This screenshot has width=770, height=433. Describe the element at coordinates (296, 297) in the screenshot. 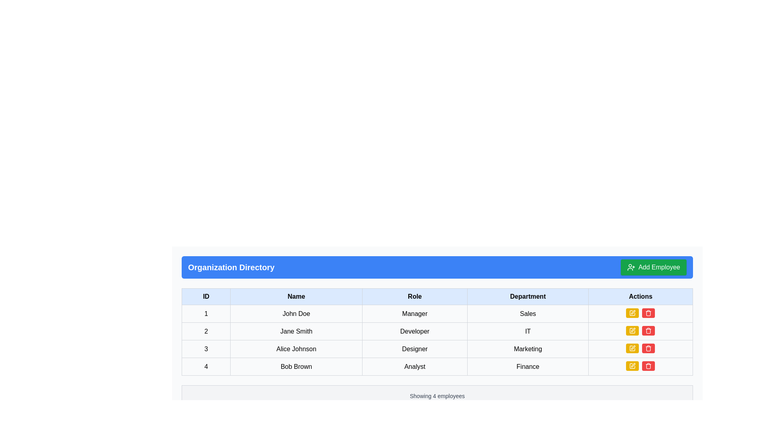

I see `the table header cell displaying the text 'Name', which is the second header cell in a row of five headers, located between 'ID' and 'Role'` at that location.